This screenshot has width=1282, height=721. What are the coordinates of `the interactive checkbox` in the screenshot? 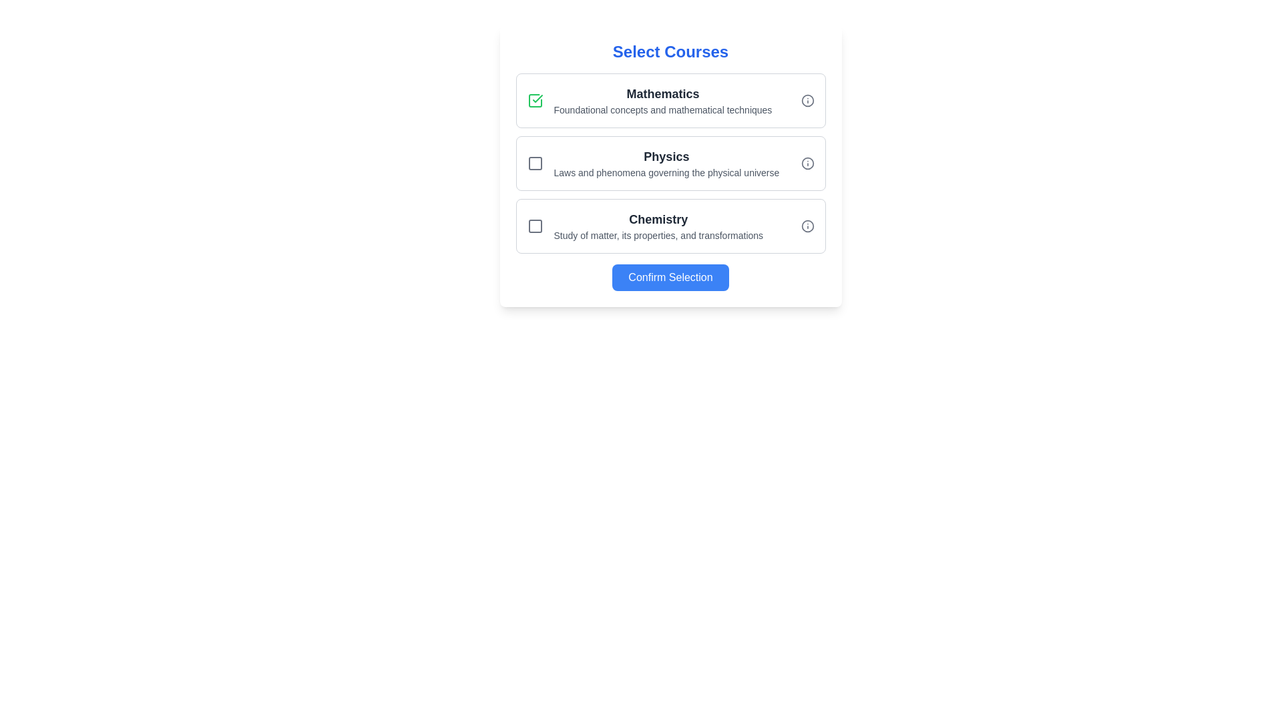 It's located at (535, 226).